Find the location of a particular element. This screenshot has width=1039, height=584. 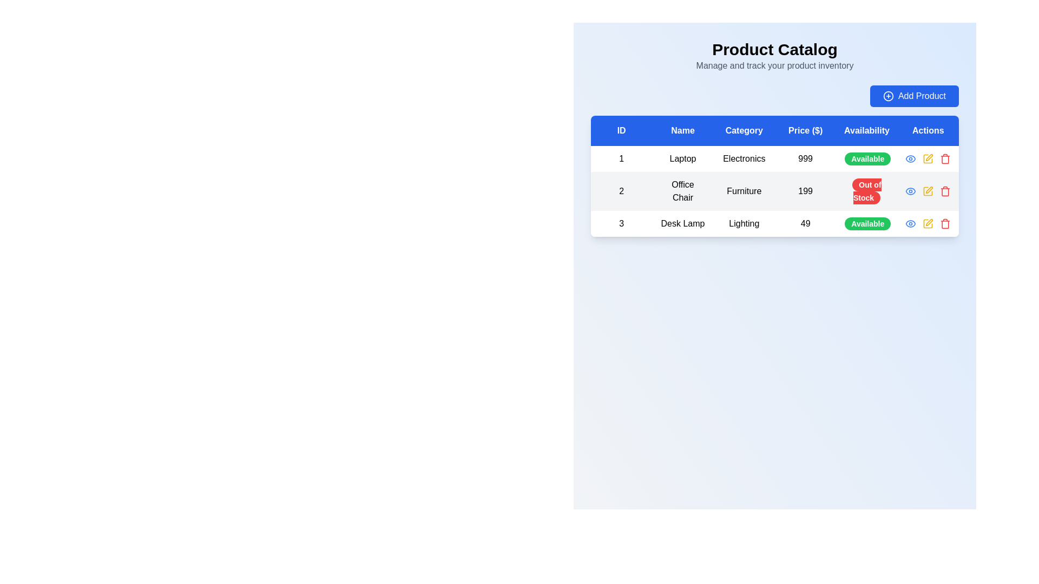

the delete button icon in the 'Actions' column for the third row of the table corresponding to the 'Desk Lamp' entry is located at coordinates (945, 158).